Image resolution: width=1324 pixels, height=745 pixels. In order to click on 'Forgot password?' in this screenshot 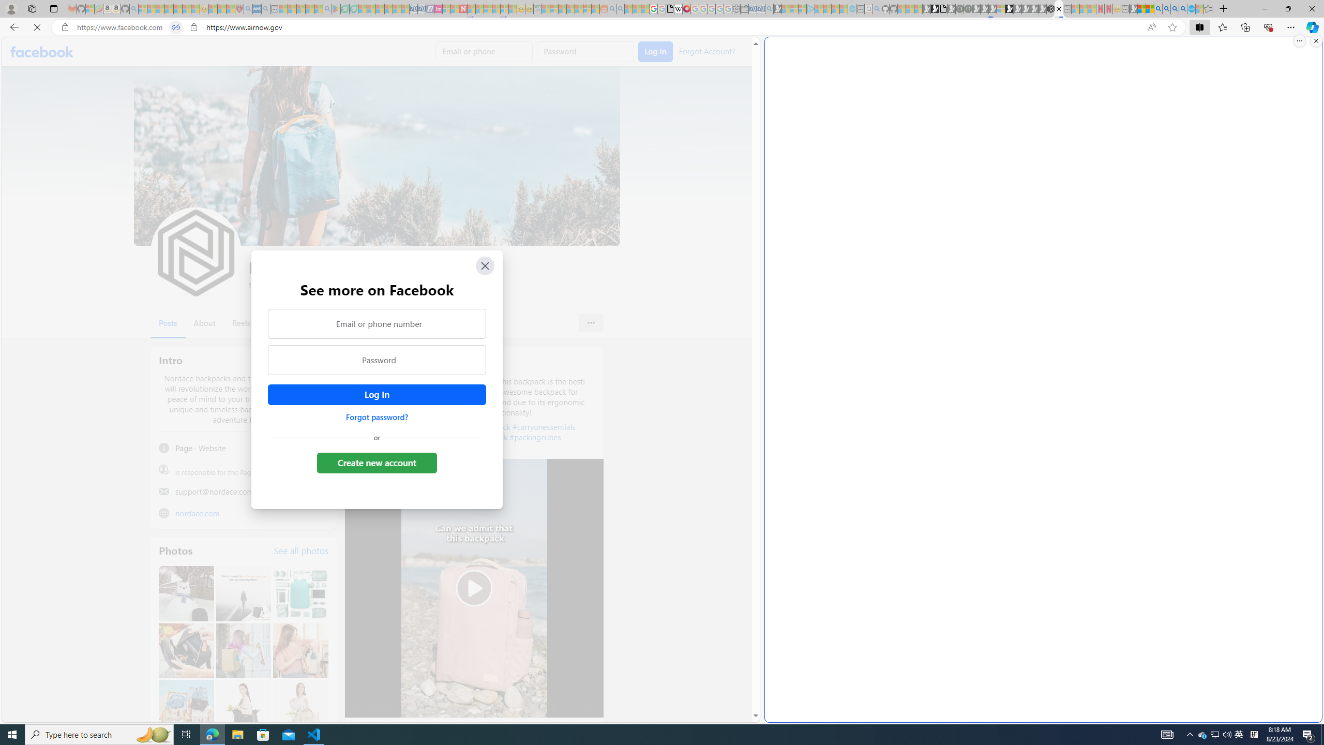, I will do `click(376, 416)`.